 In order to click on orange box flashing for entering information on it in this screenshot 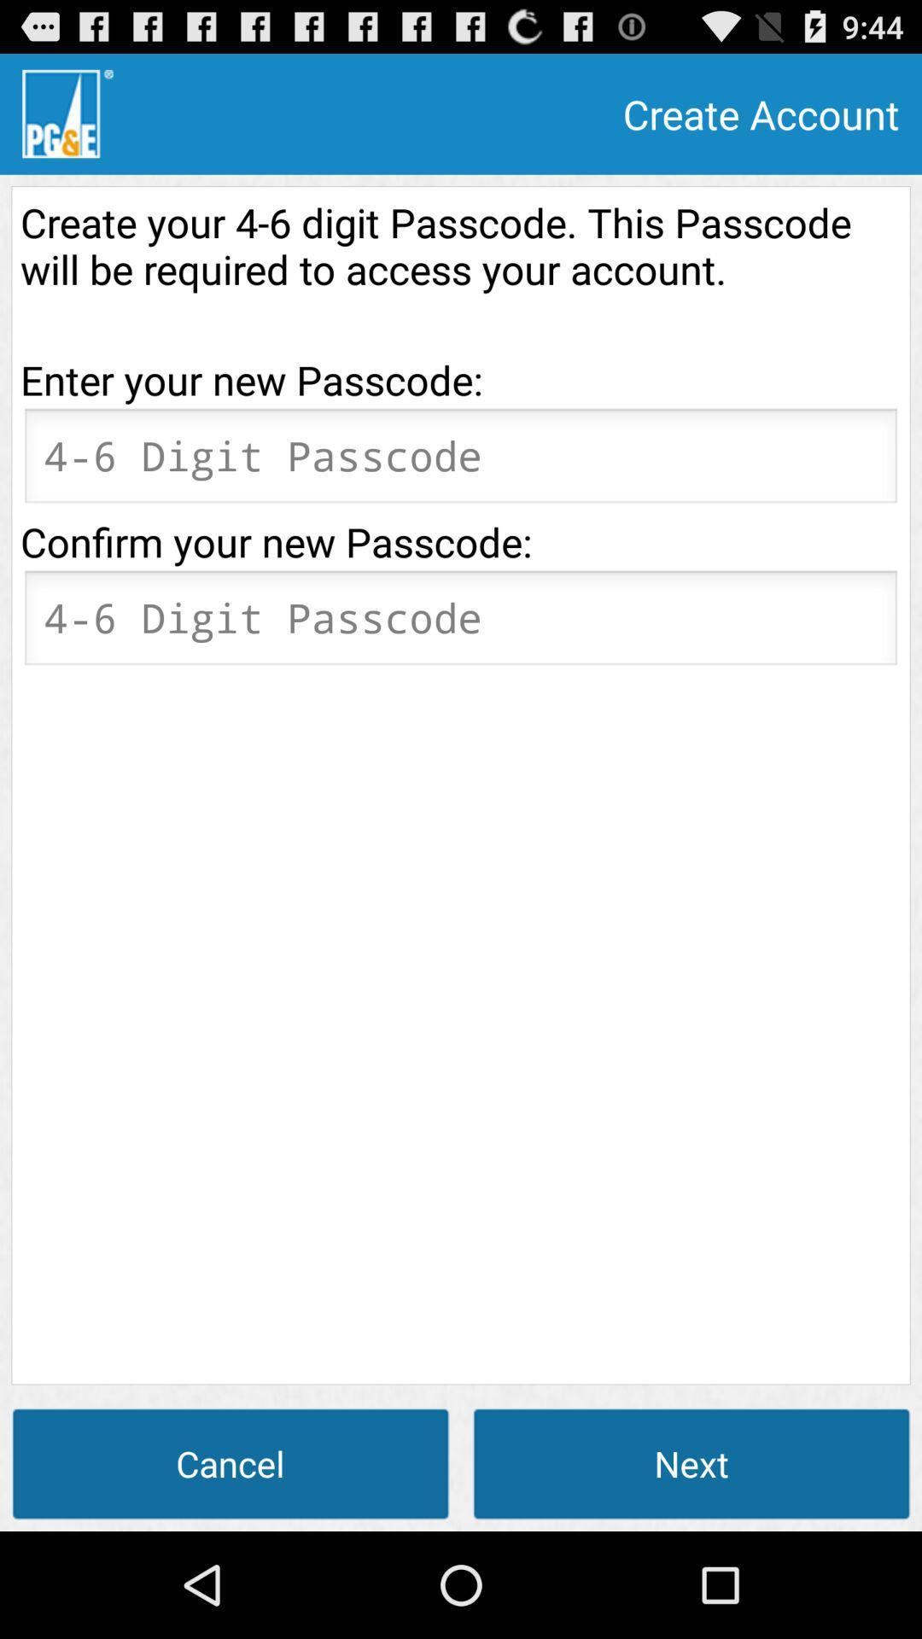, I will do `click(461, 460)`.